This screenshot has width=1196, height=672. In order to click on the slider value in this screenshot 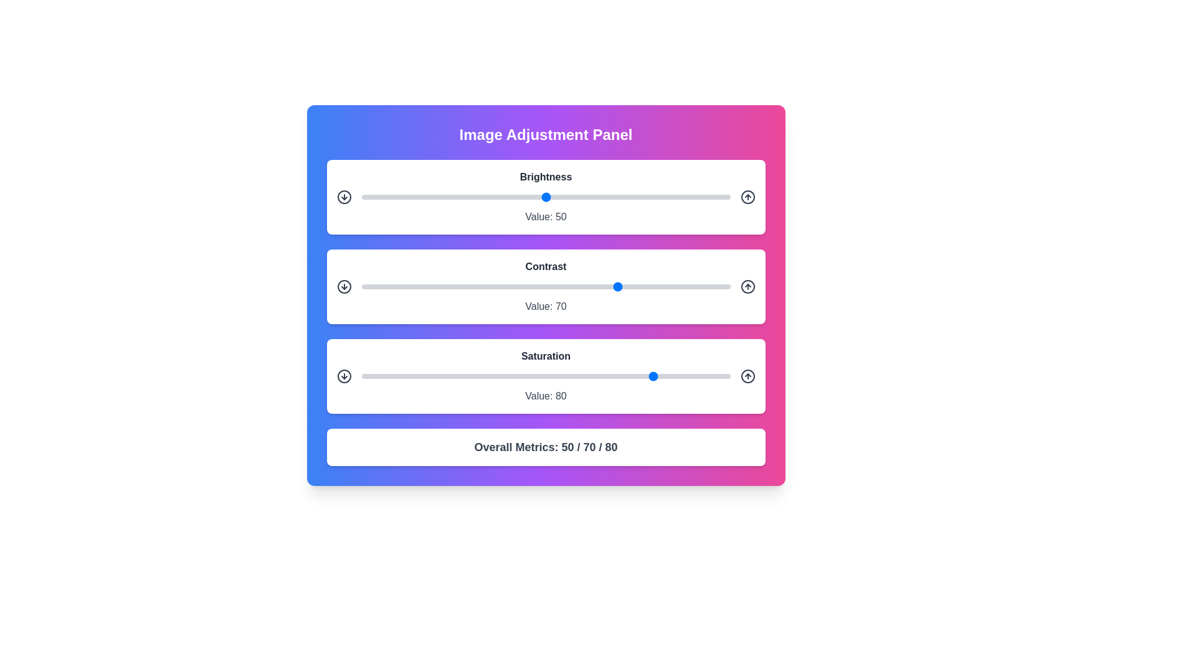, I will do `click(609, 376)`.